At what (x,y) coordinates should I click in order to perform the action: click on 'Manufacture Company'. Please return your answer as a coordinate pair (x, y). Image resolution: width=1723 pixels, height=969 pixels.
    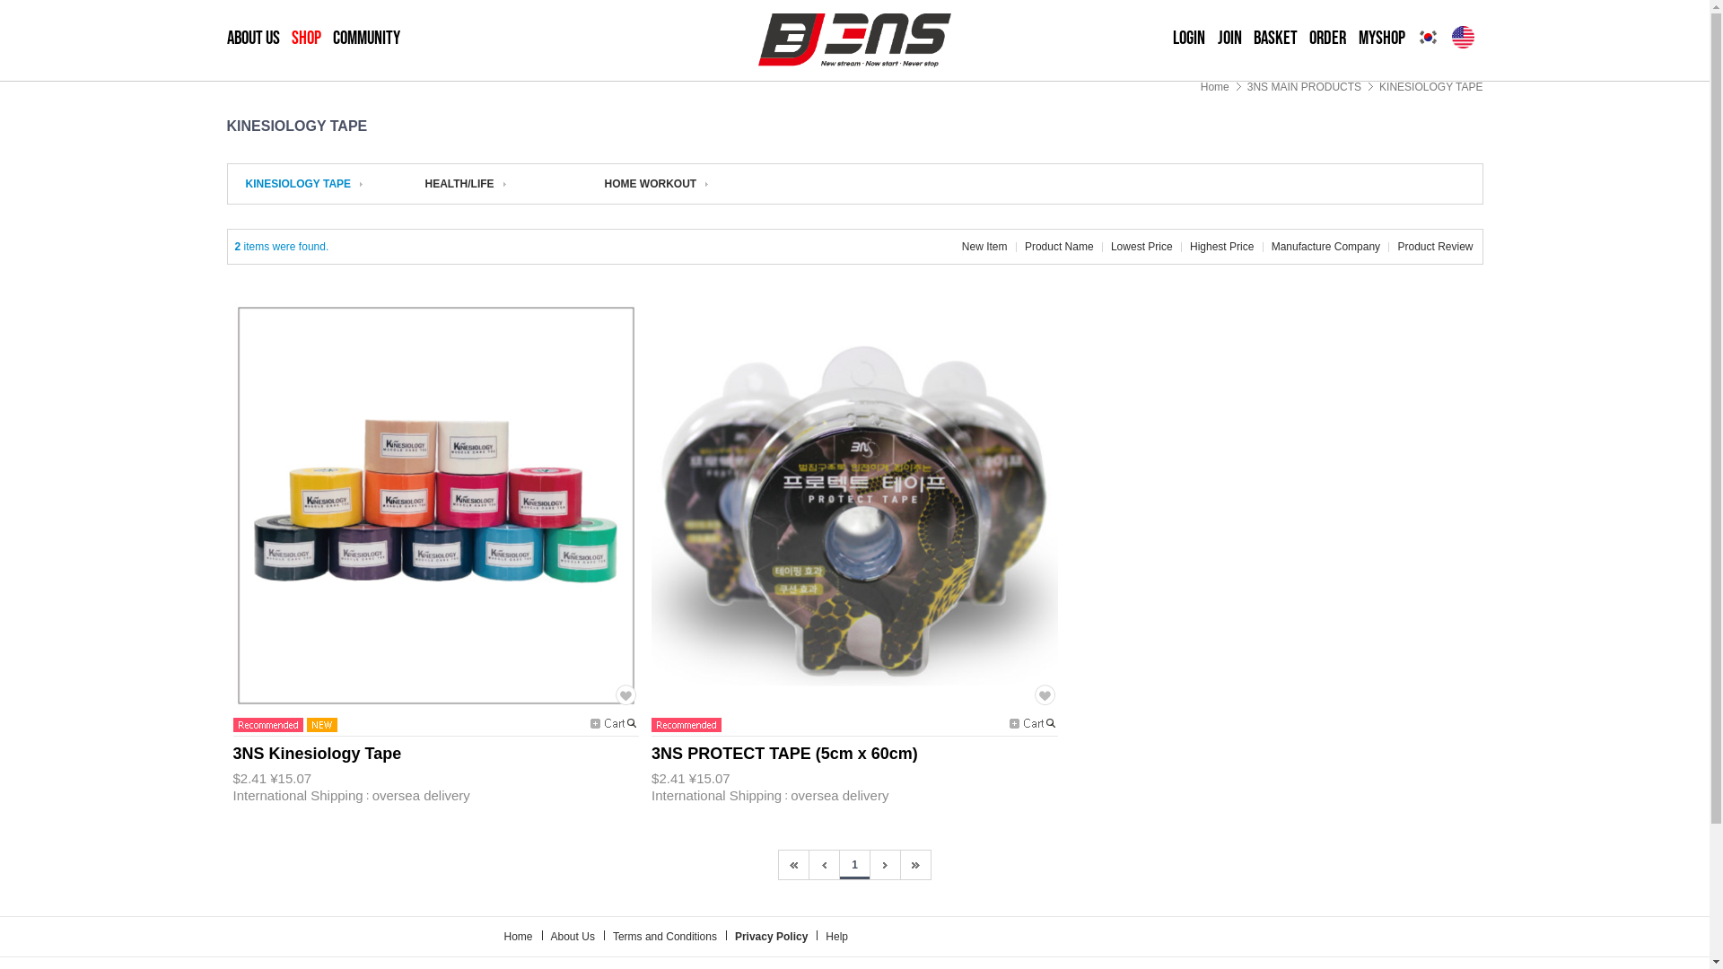
    Looking at the image, I should click on (1325, 246).